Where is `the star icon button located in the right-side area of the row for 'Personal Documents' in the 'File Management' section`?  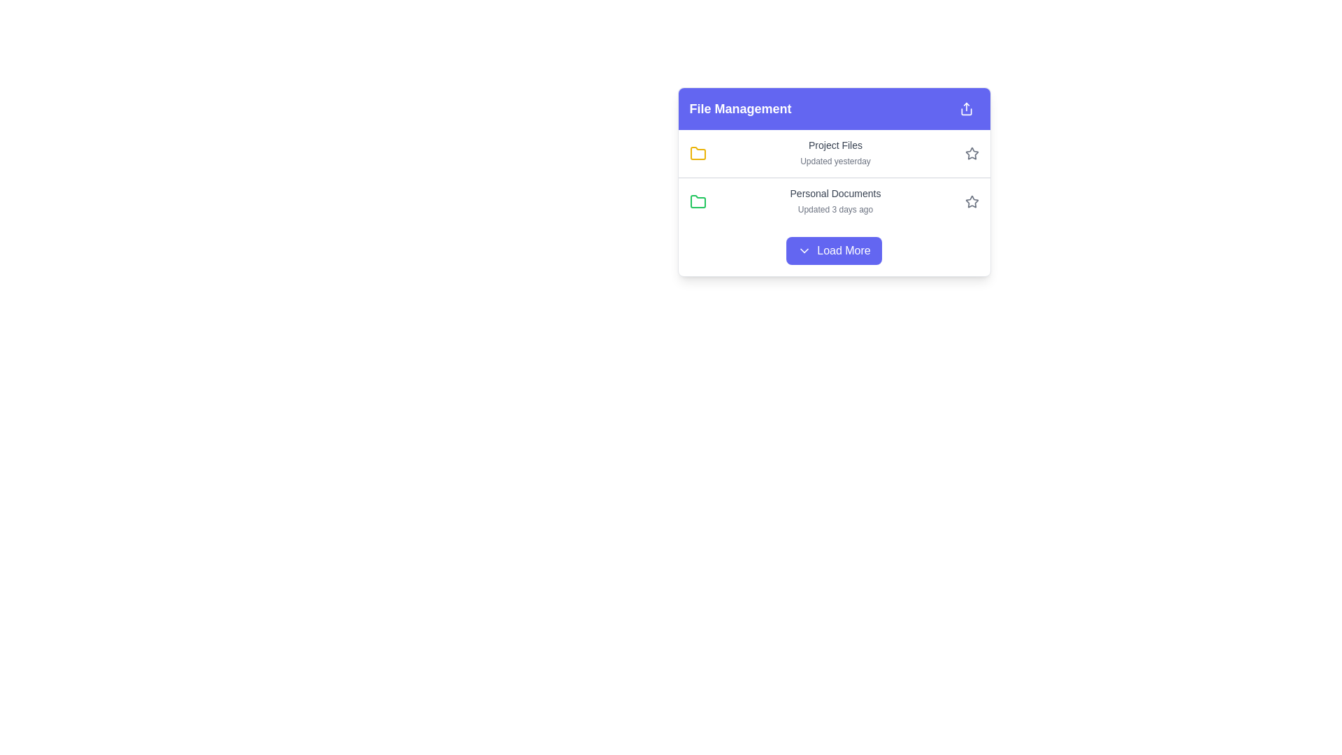 the star icon button located in the right-side area of the row for 'Personal Documents' in the 'File Management' section is located at coordinates (971, 202).